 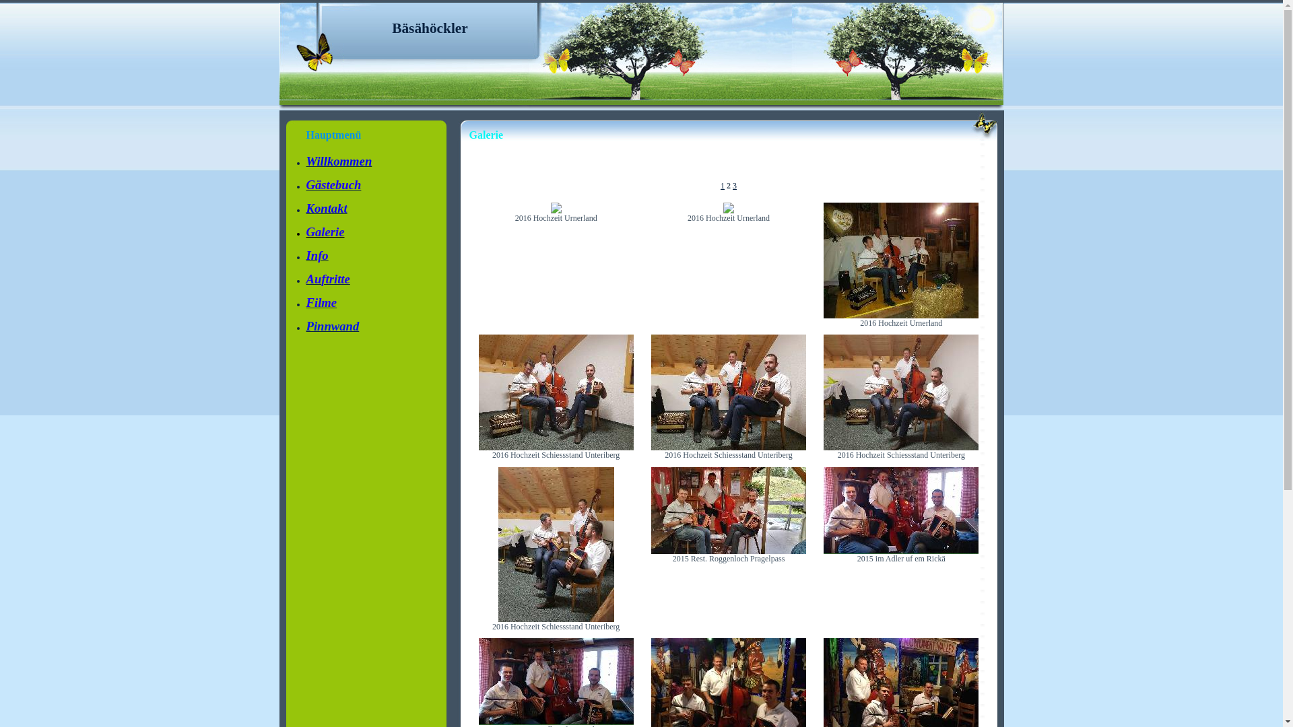 I want to click on '3', so click(x=733, y=186).